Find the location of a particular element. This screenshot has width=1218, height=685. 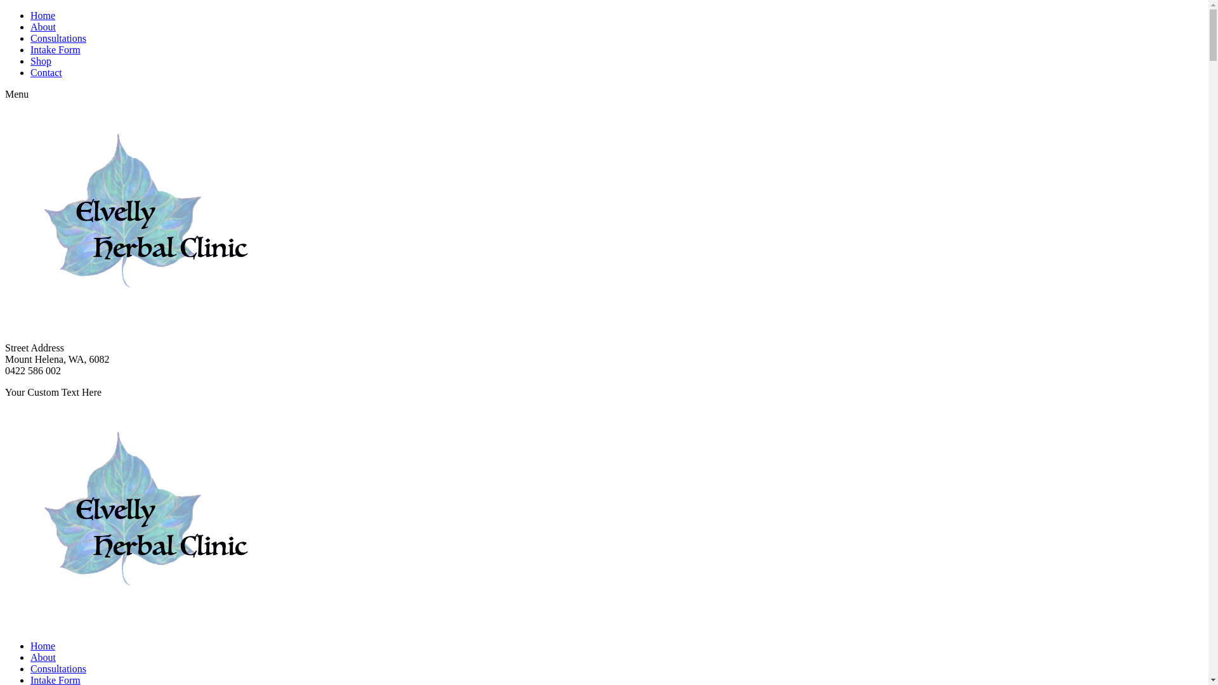

'About' is located at coordinates (43, 27).